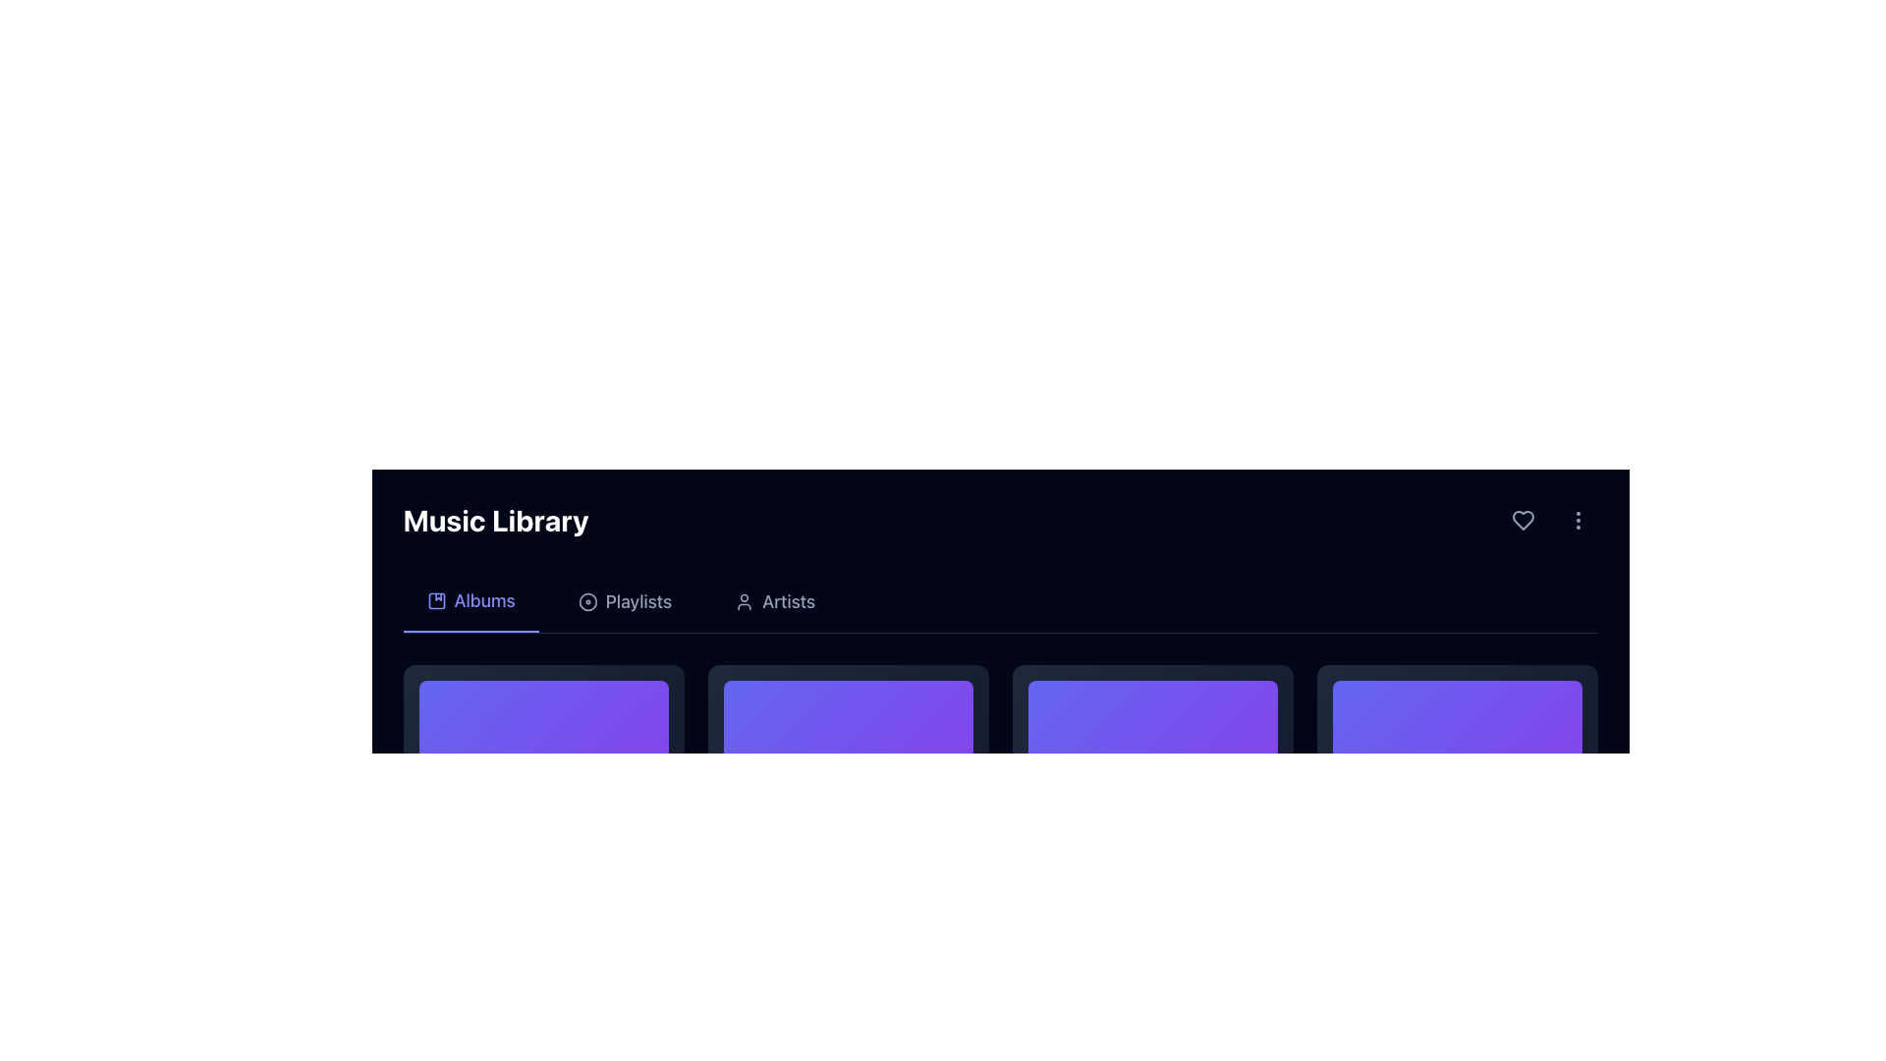  Describe the element at coordinates (1578, 519) in the screenshot. I see `the Vertical Ellipsis Icon located in the top-right corner of the application's interface, adjacent to a heart-shaped icon` at that location.